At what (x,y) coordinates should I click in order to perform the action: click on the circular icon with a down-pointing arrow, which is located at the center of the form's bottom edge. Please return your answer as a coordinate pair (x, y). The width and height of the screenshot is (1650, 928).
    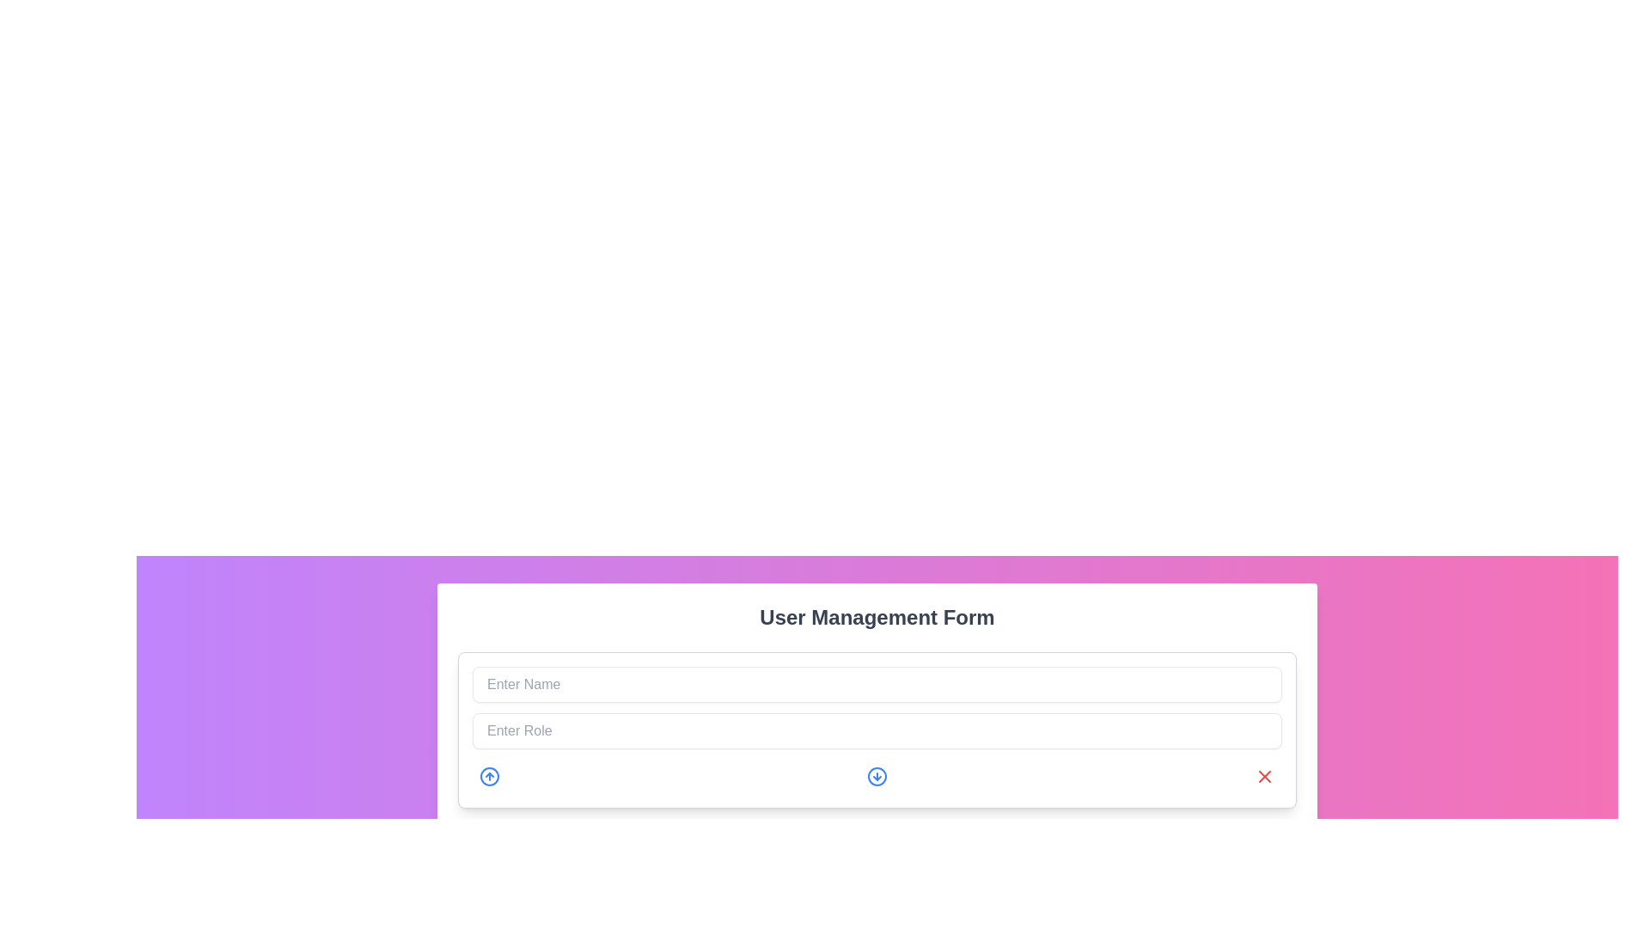
    Looking at the image, I should click on (877, 776).